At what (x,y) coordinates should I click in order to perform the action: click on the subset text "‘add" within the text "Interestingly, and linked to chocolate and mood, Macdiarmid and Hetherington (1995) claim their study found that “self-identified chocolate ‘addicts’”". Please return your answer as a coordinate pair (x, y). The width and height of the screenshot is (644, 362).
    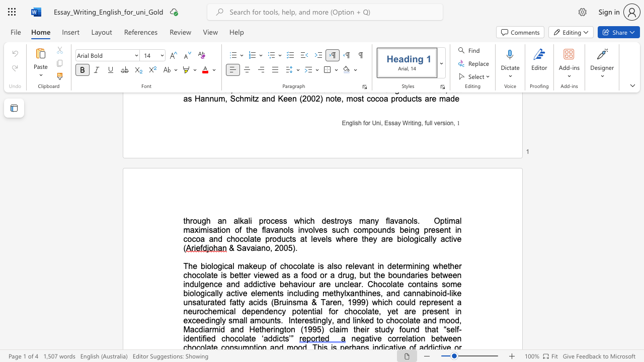
    Looking at the image, I should click on (262, 338).